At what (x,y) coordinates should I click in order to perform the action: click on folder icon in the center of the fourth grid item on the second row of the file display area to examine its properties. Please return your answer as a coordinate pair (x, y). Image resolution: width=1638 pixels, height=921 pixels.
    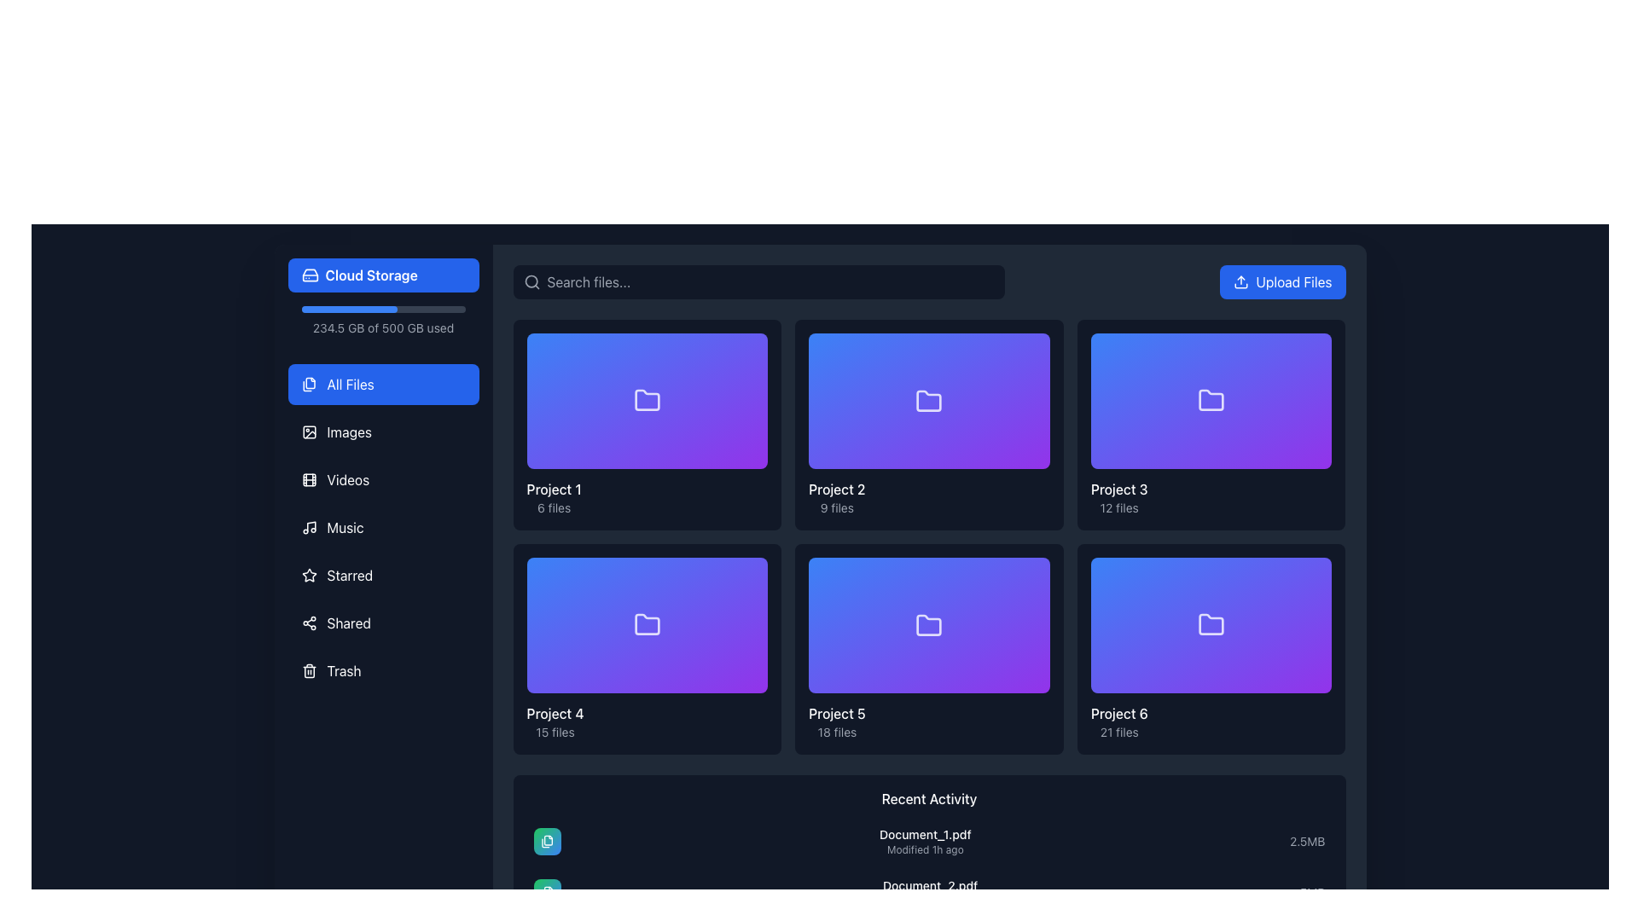
    Looking at the image, I should click on (646, 625).